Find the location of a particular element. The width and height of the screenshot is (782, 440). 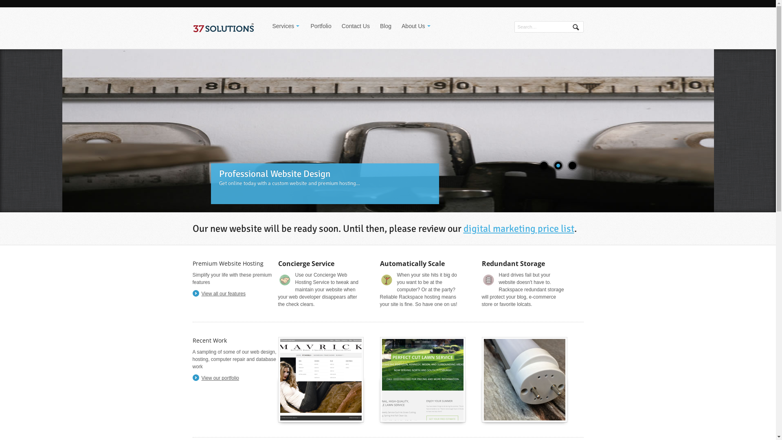

'T8 LEDs Now' is located at coordinates (524, 380).